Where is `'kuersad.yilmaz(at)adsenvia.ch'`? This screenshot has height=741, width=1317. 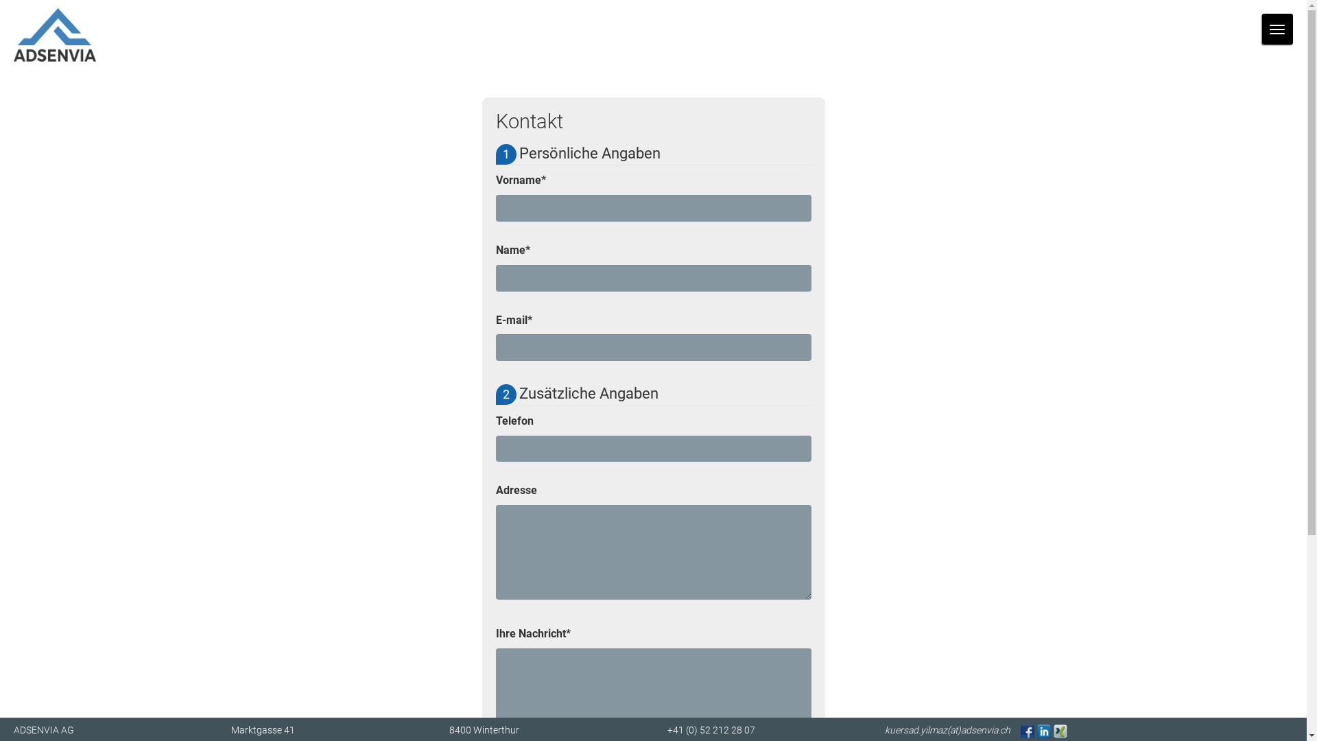
'kuersad.yilmaz(at)adsenvia.ch' is located at coordinates (947, 729).